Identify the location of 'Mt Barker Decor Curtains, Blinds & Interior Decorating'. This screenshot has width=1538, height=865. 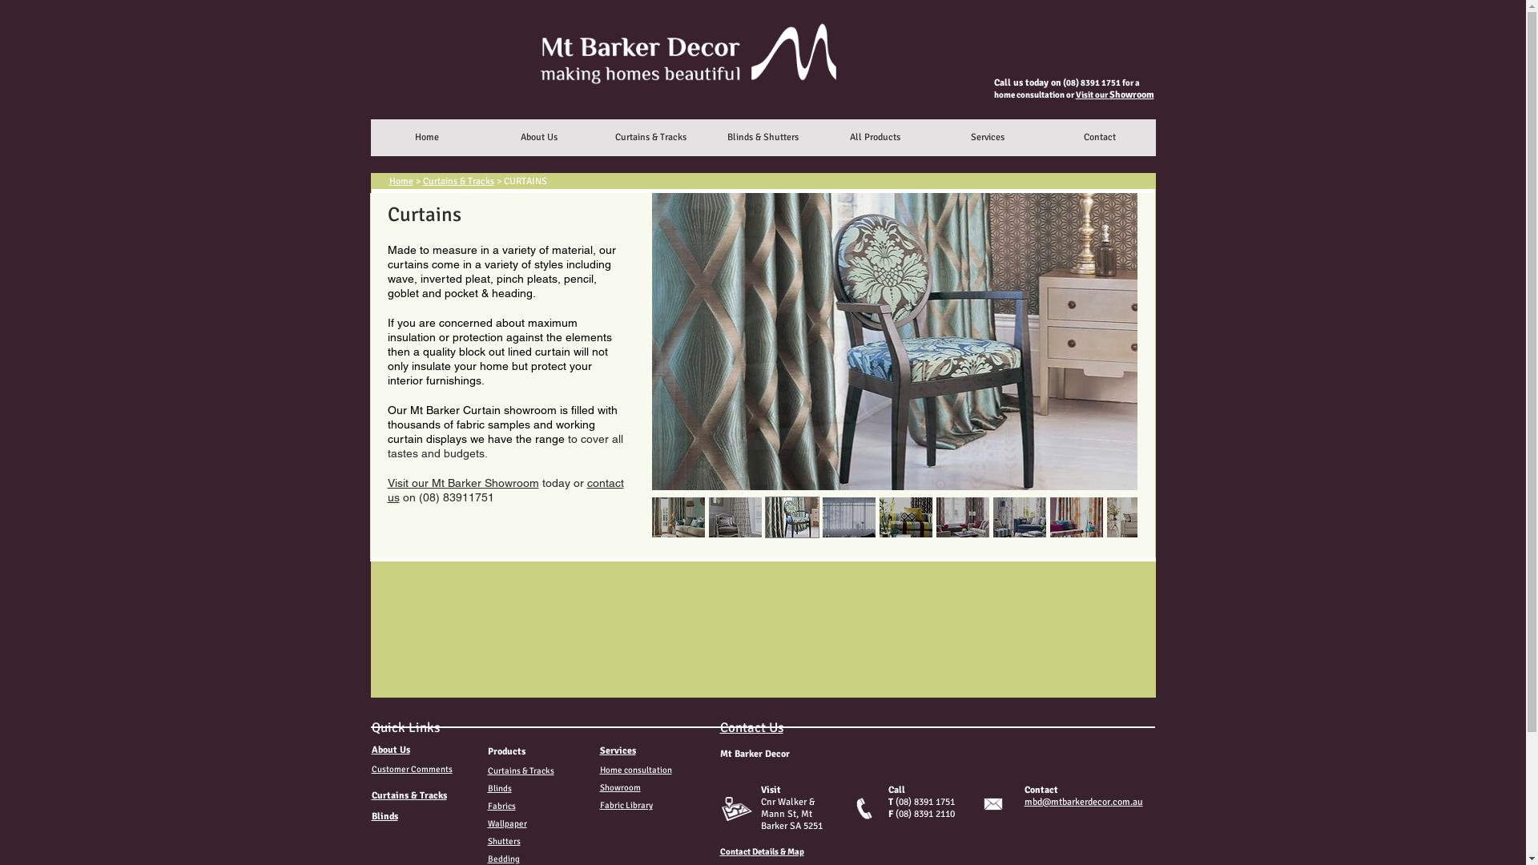
(673, 86).